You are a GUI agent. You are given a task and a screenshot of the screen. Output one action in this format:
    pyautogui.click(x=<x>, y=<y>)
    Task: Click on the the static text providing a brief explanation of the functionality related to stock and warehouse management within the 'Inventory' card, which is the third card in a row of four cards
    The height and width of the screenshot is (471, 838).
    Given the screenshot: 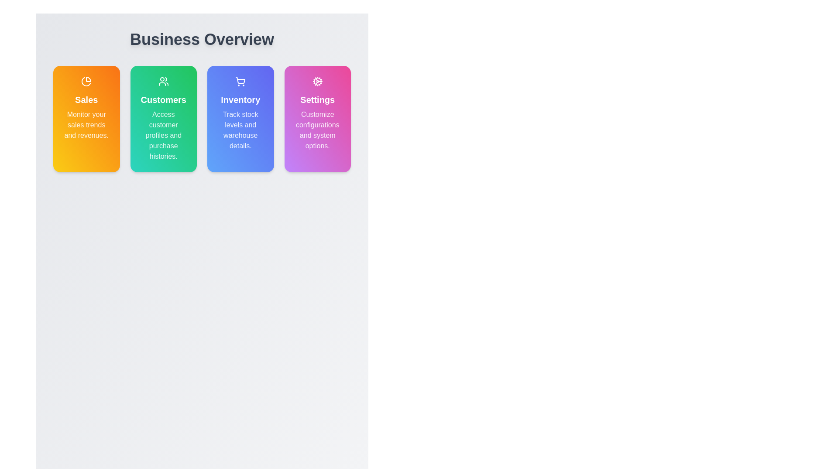 What is the action you would take?
    pyautogui.click(x=240, y=130)
    